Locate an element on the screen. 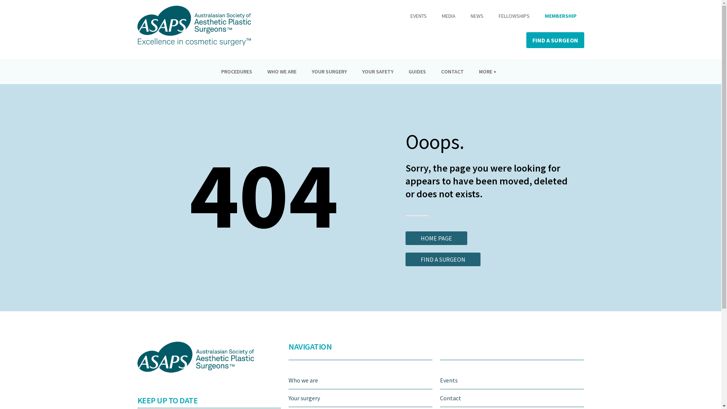  'MEDIA' is located at coordinates (448, 16).